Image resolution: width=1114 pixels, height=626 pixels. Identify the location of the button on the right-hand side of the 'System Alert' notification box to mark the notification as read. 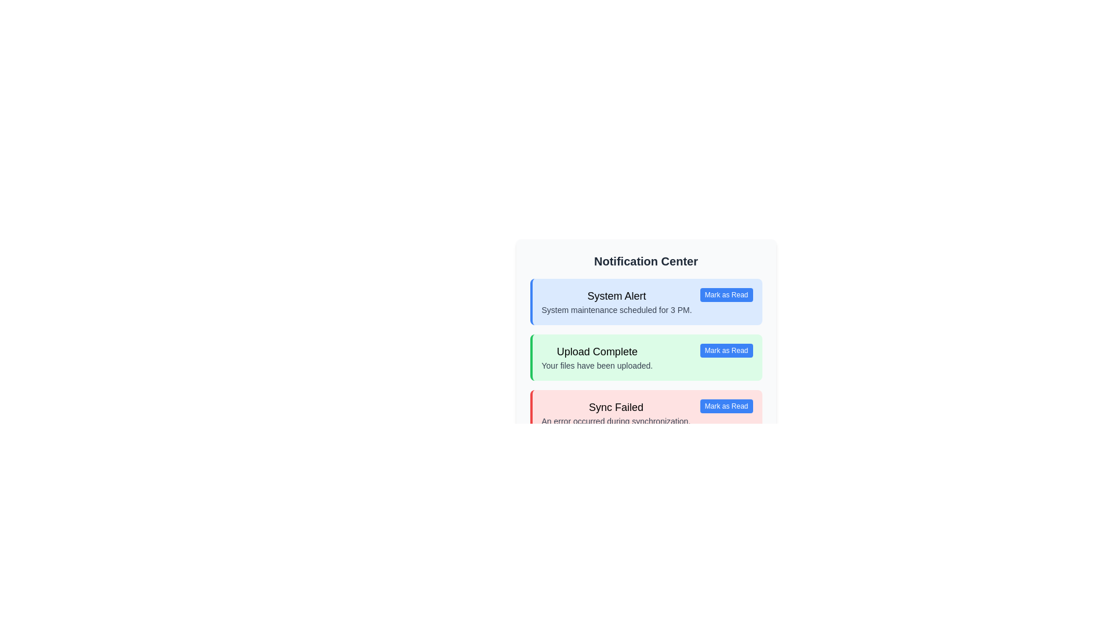
(726, 294).